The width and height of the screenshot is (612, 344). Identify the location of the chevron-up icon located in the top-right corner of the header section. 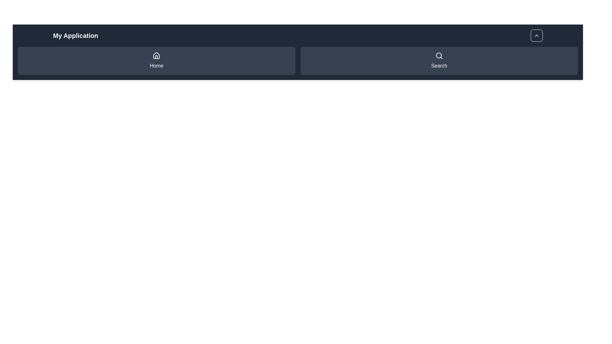
(536, 35).